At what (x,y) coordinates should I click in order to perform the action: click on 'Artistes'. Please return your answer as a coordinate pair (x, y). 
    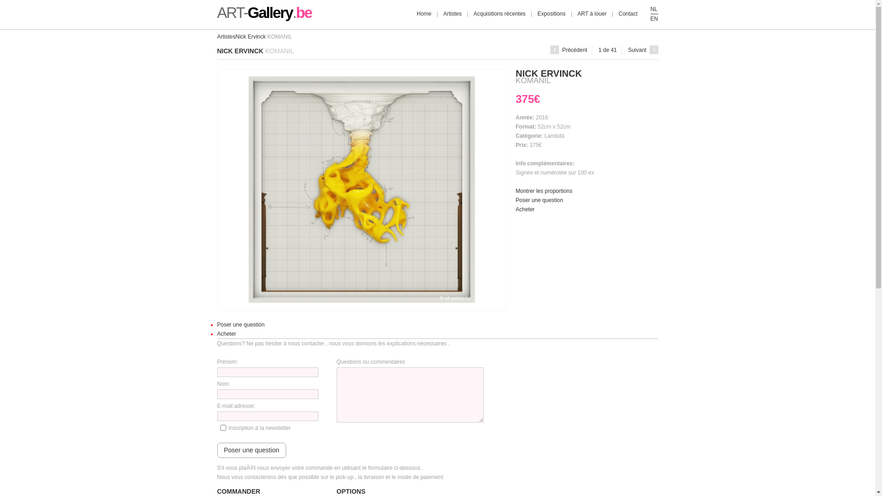
    Looking at the image, I should click on (226, 36).